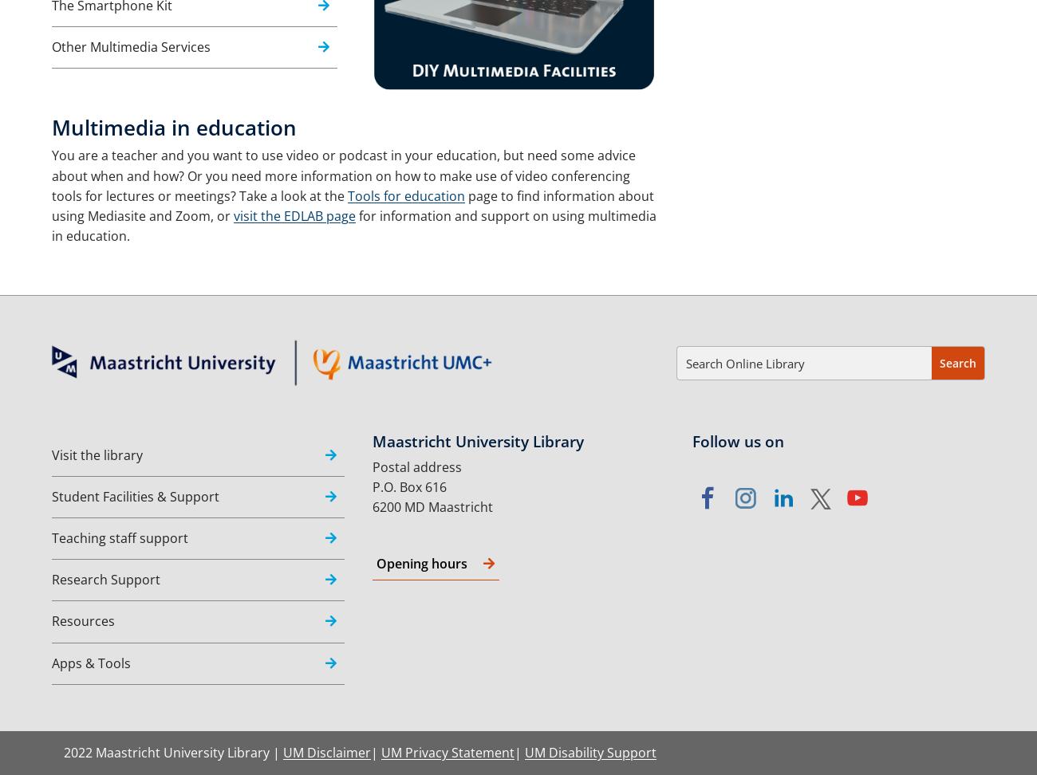 This screenshot has height=775, width=1037. I want to click on 'Teaching staff support', so click(119, 537).